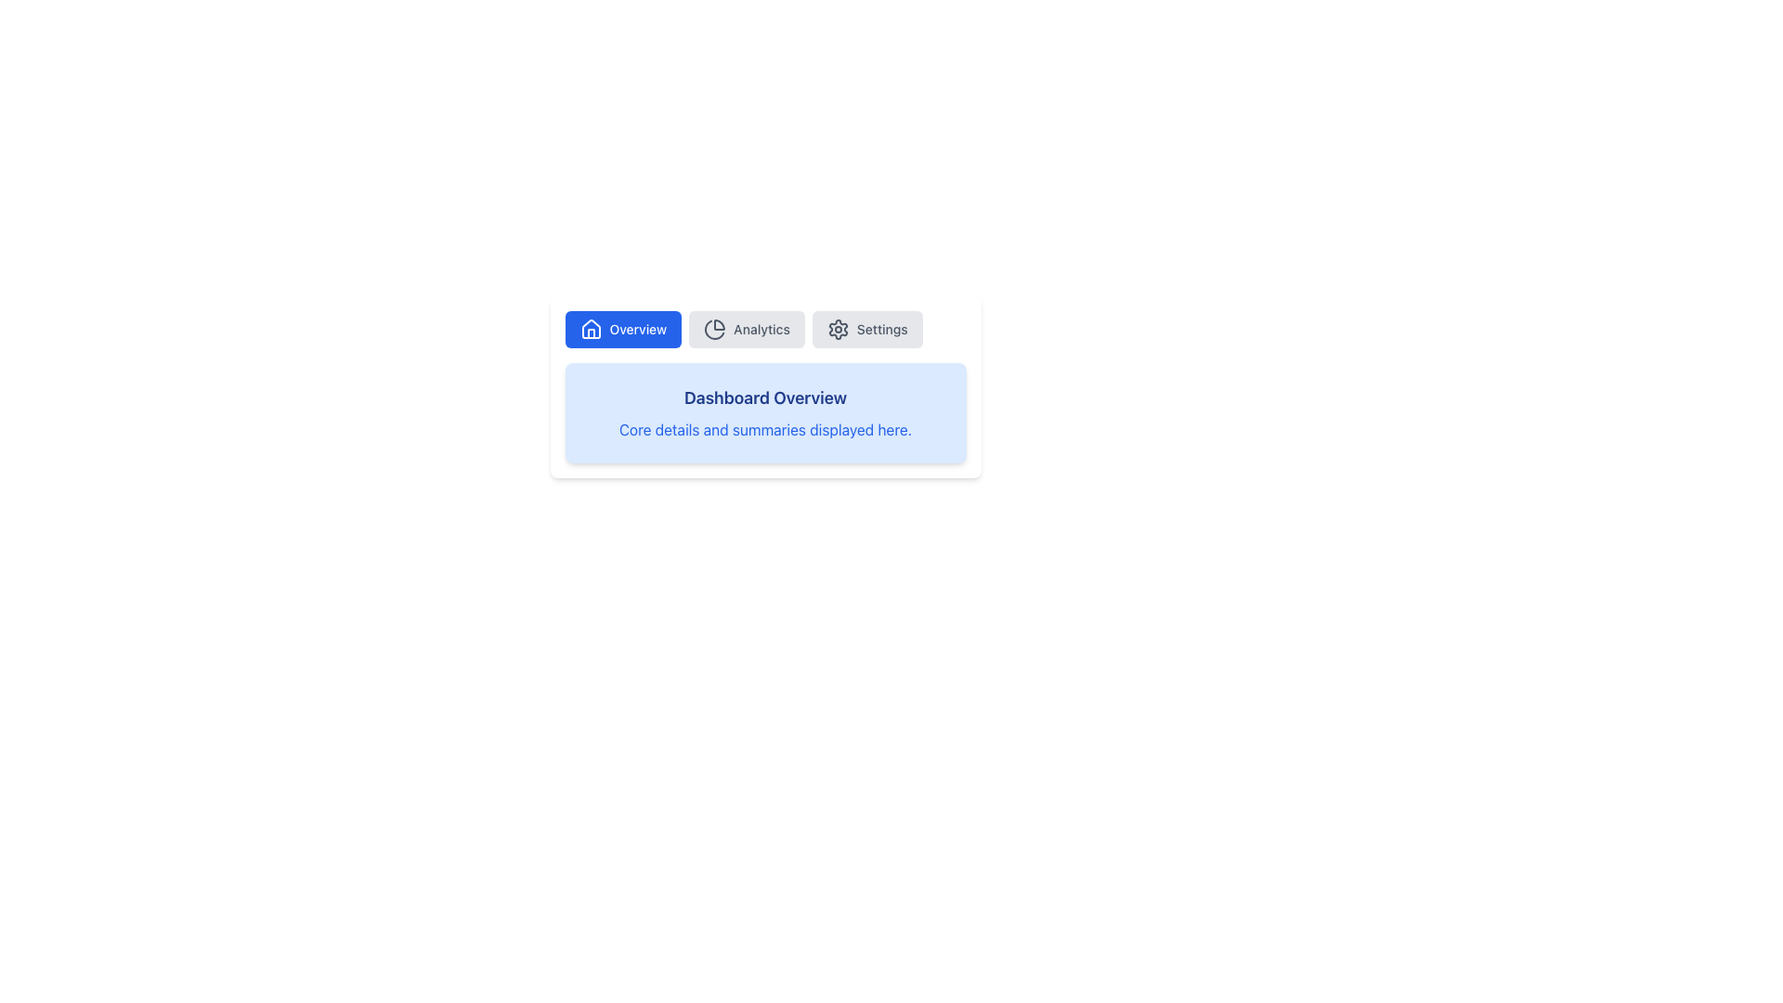 The image size is (1783, 1003). Describe the element at coordinates (623, 328) in the screenshot. I see `the 'Overview' button located at the leftmost part of the horizontal menu bar` at that location.